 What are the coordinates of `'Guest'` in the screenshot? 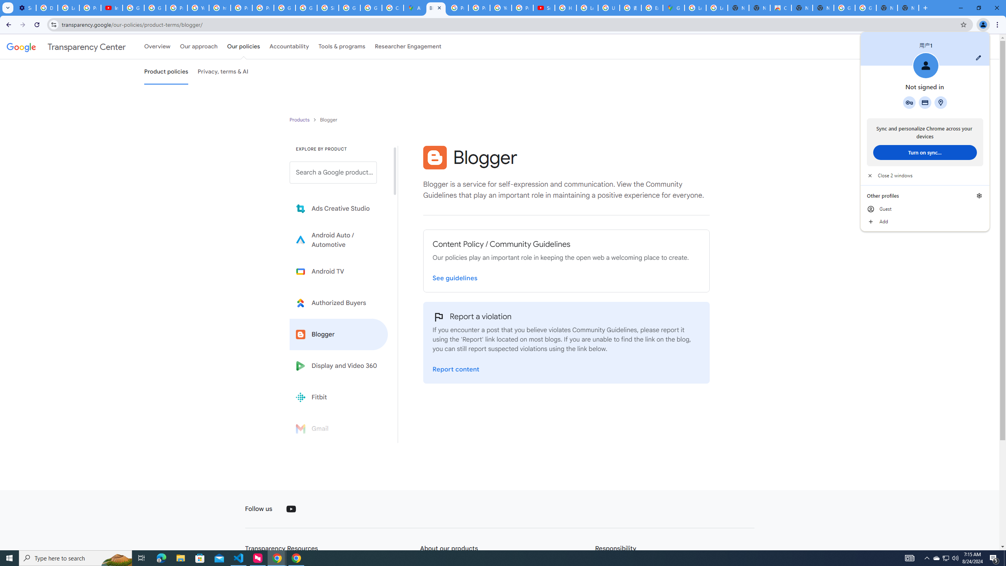 It's located at (924, 209).